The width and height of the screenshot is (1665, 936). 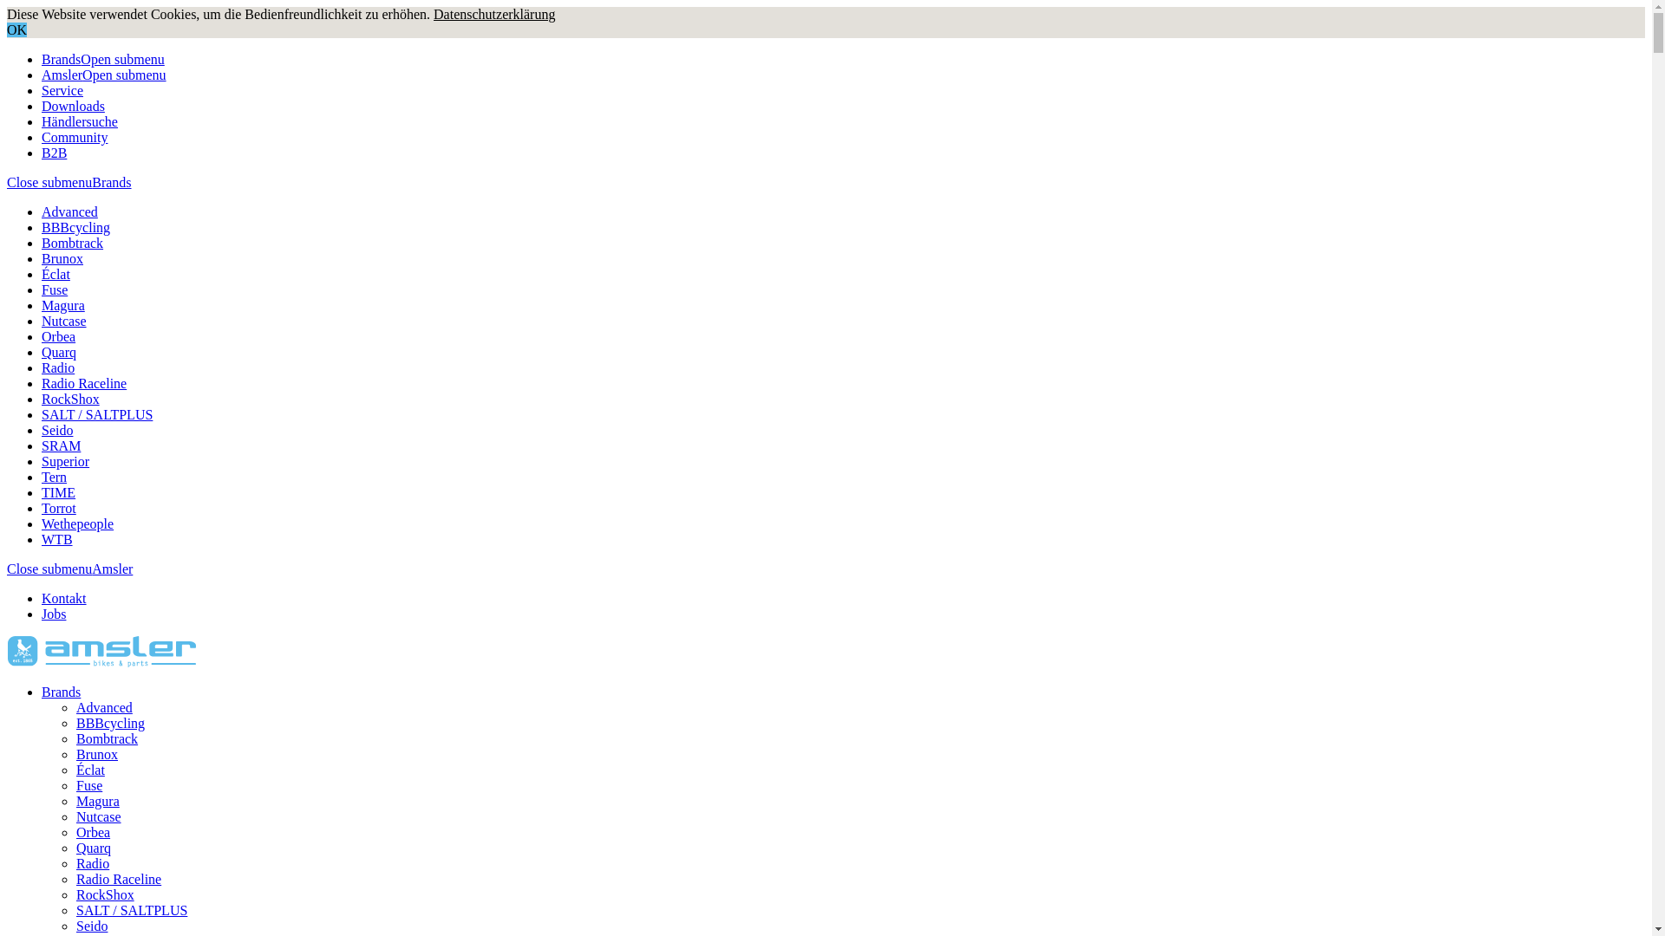 What do you see at coordinates (90, 925) in the screenshot?
I see `'Seido'` at bounding box center [90, 925].